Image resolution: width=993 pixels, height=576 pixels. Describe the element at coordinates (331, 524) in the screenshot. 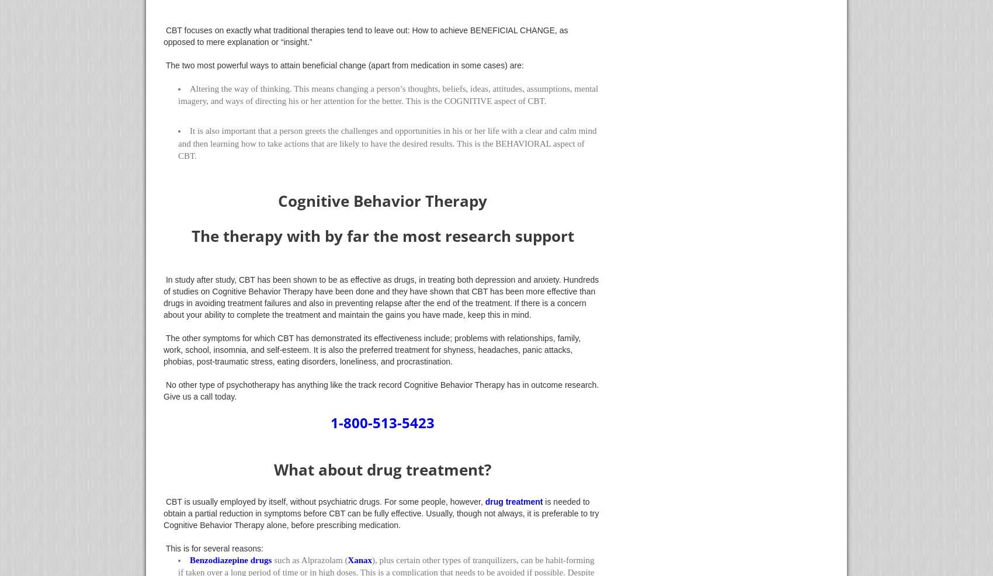

I see `'alone, before prescribing medication.'` at that location.